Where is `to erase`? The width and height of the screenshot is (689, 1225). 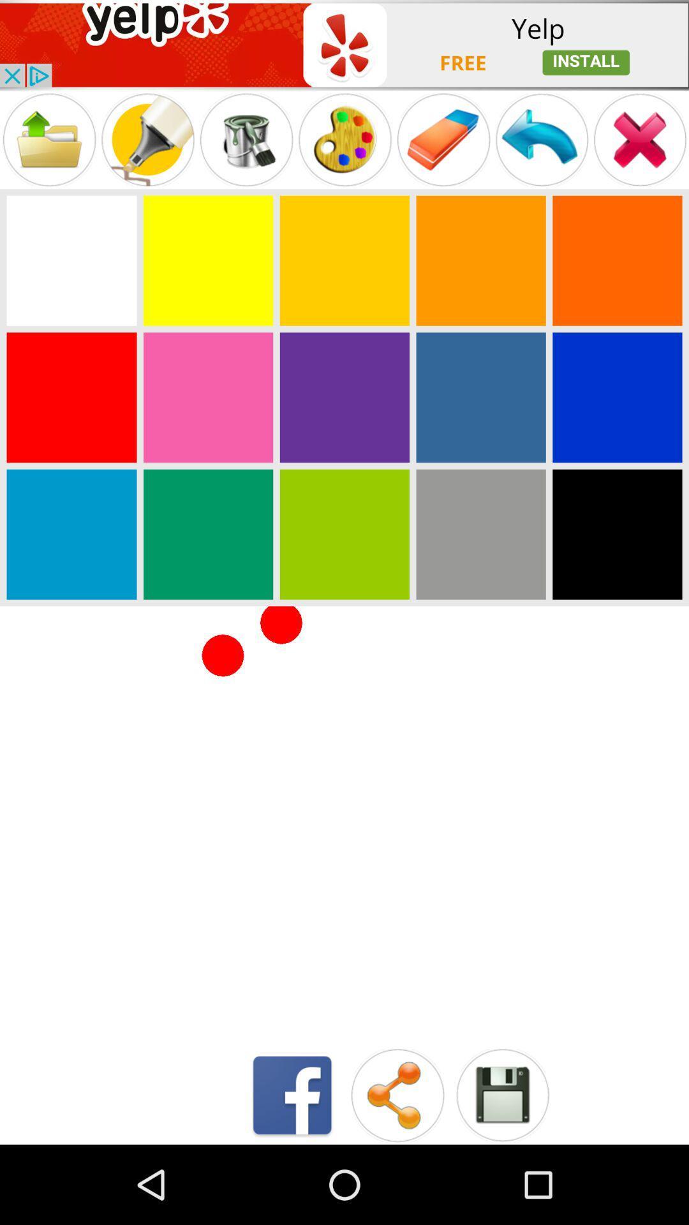
to erase is located at coordinates (443, 140).